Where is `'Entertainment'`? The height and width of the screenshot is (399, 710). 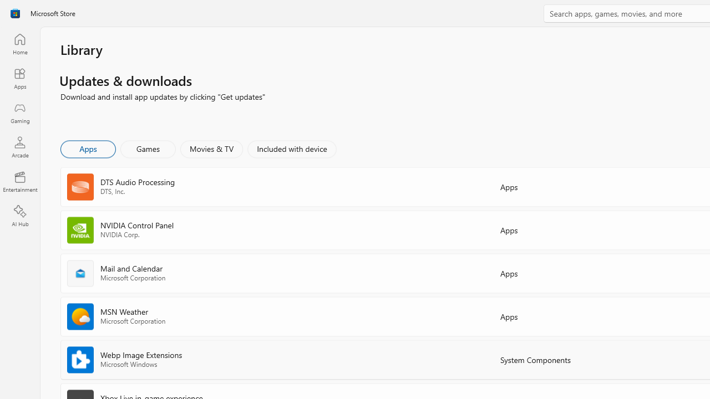
'Entertainment' is located at coordinates (19, 181).